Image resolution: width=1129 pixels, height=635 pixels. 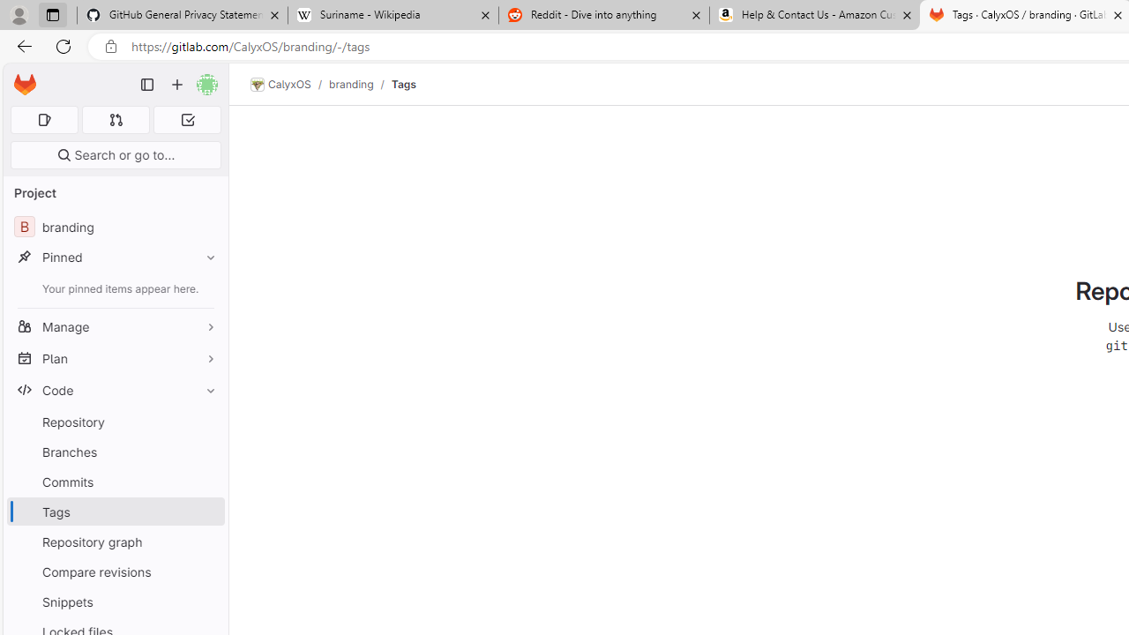 I want to click on 'Suriname - Wikipedia', so click(x=392, y=15).